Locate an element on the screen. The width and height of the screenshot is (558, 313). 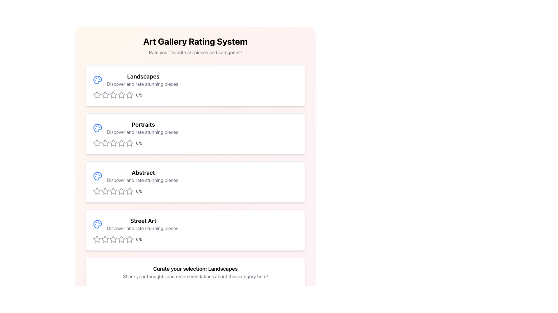
the first star icon in the rating system for the 'Street Art' section is located at coordinates (97, 239).